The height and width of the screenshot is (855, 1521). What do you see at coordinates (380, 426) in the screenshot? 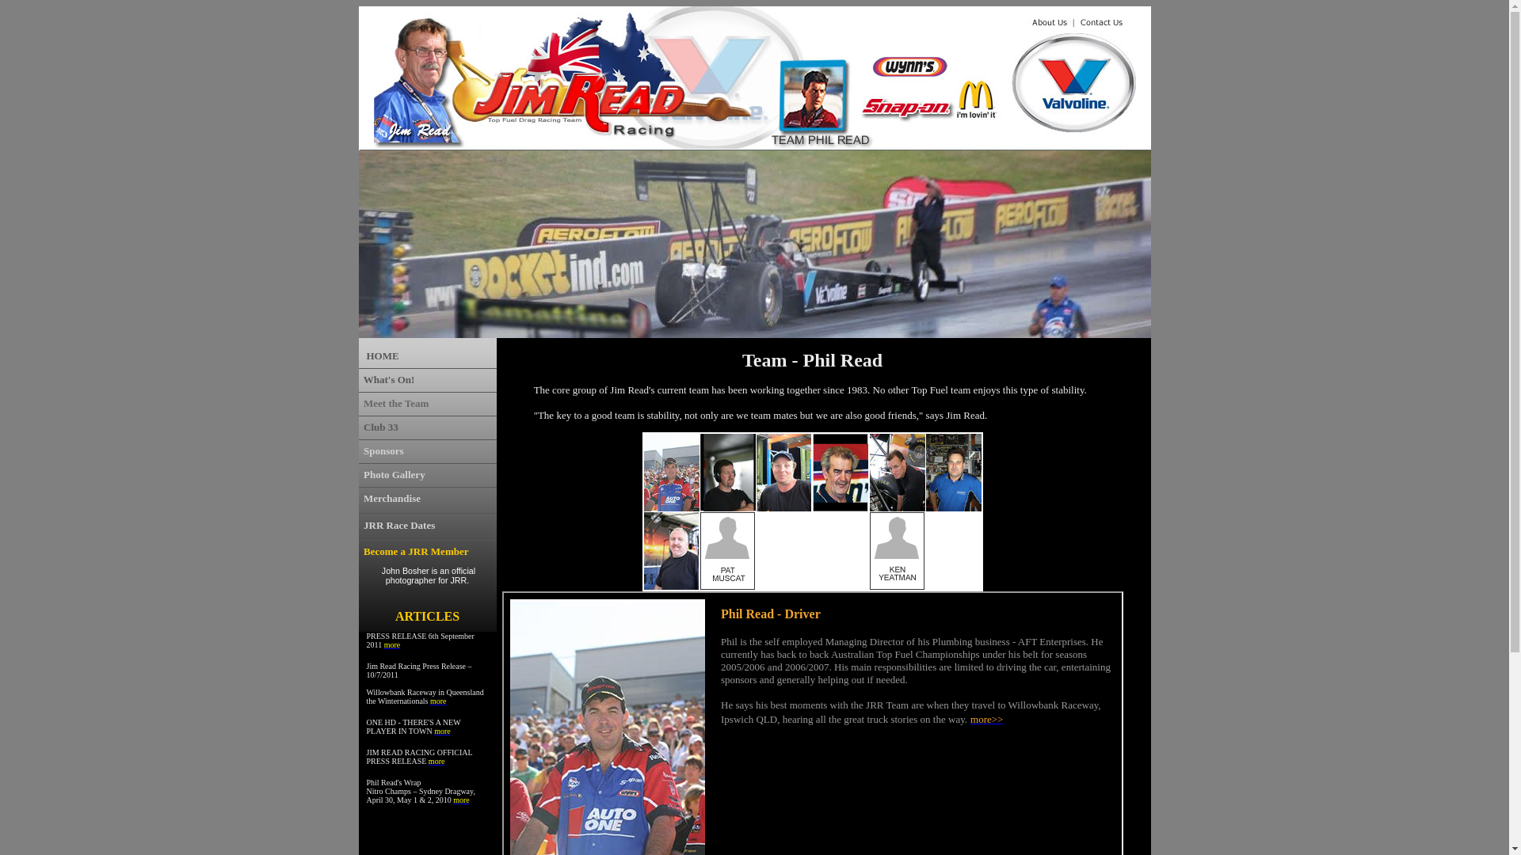
I see `'Club 33'` at bounding box center [380, 426].